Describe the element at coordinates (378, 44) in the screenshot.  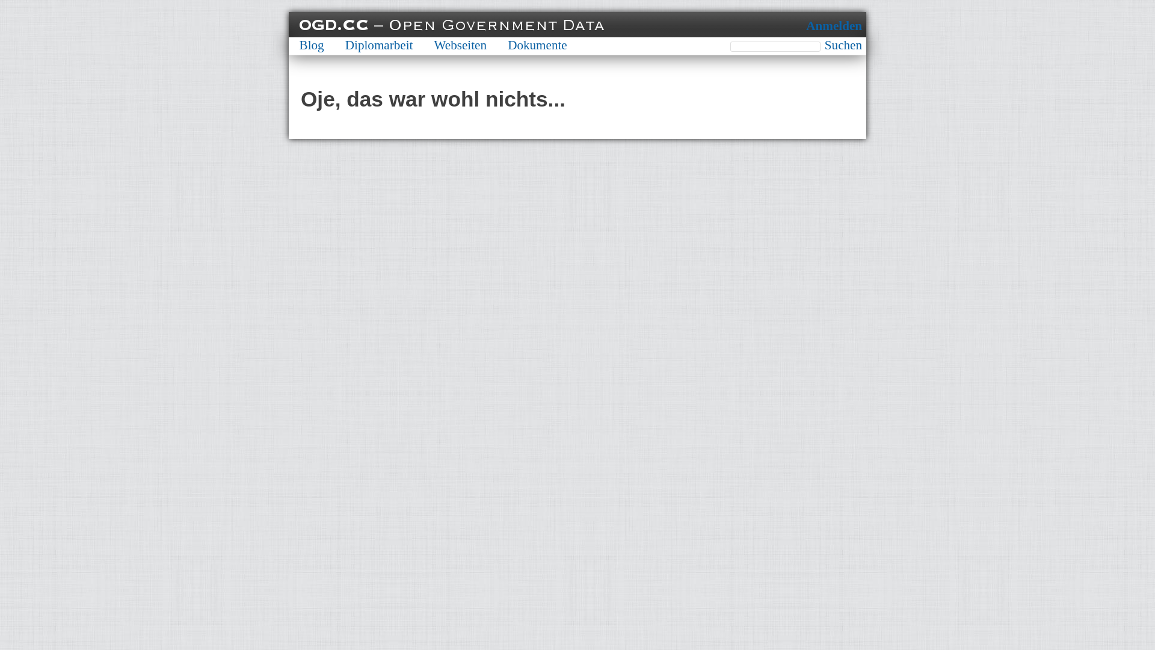
I see `'Diplomarbeit'` at that location.